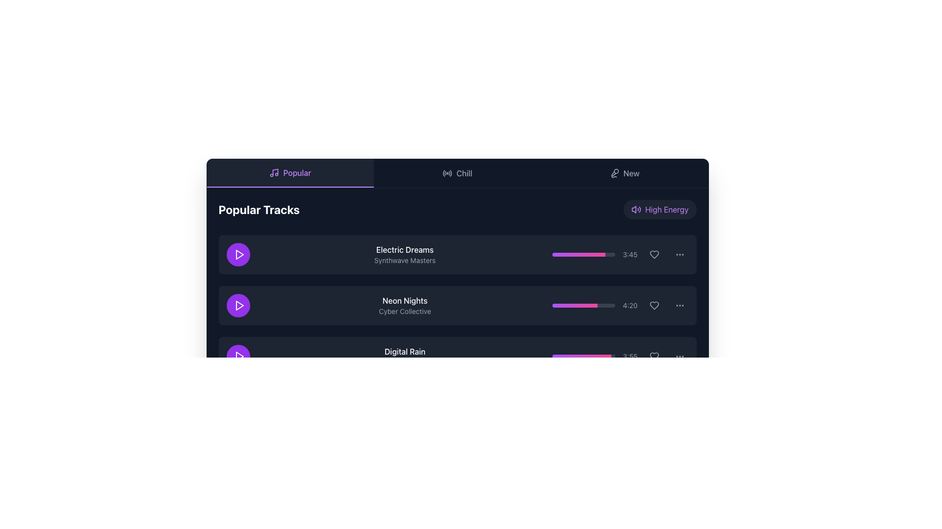 The width and height of the screenshot is (942, 529). Describe the element at coordinates (239, 254) in the screenshot. I see `the small triangular play icon, which is white and located within a purple circular background` at that location.